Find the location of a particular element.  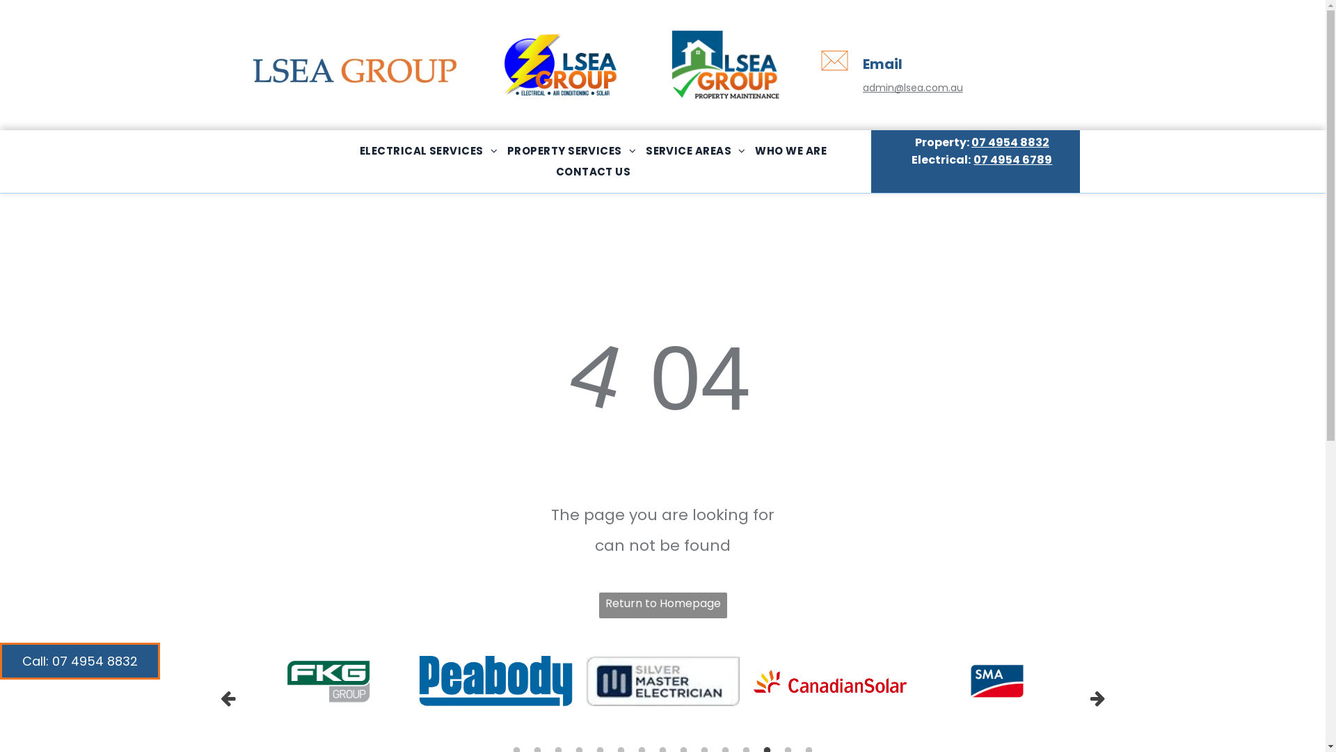

'https://www.peabodyenergy.com/' is located at coordinates (495, 680).